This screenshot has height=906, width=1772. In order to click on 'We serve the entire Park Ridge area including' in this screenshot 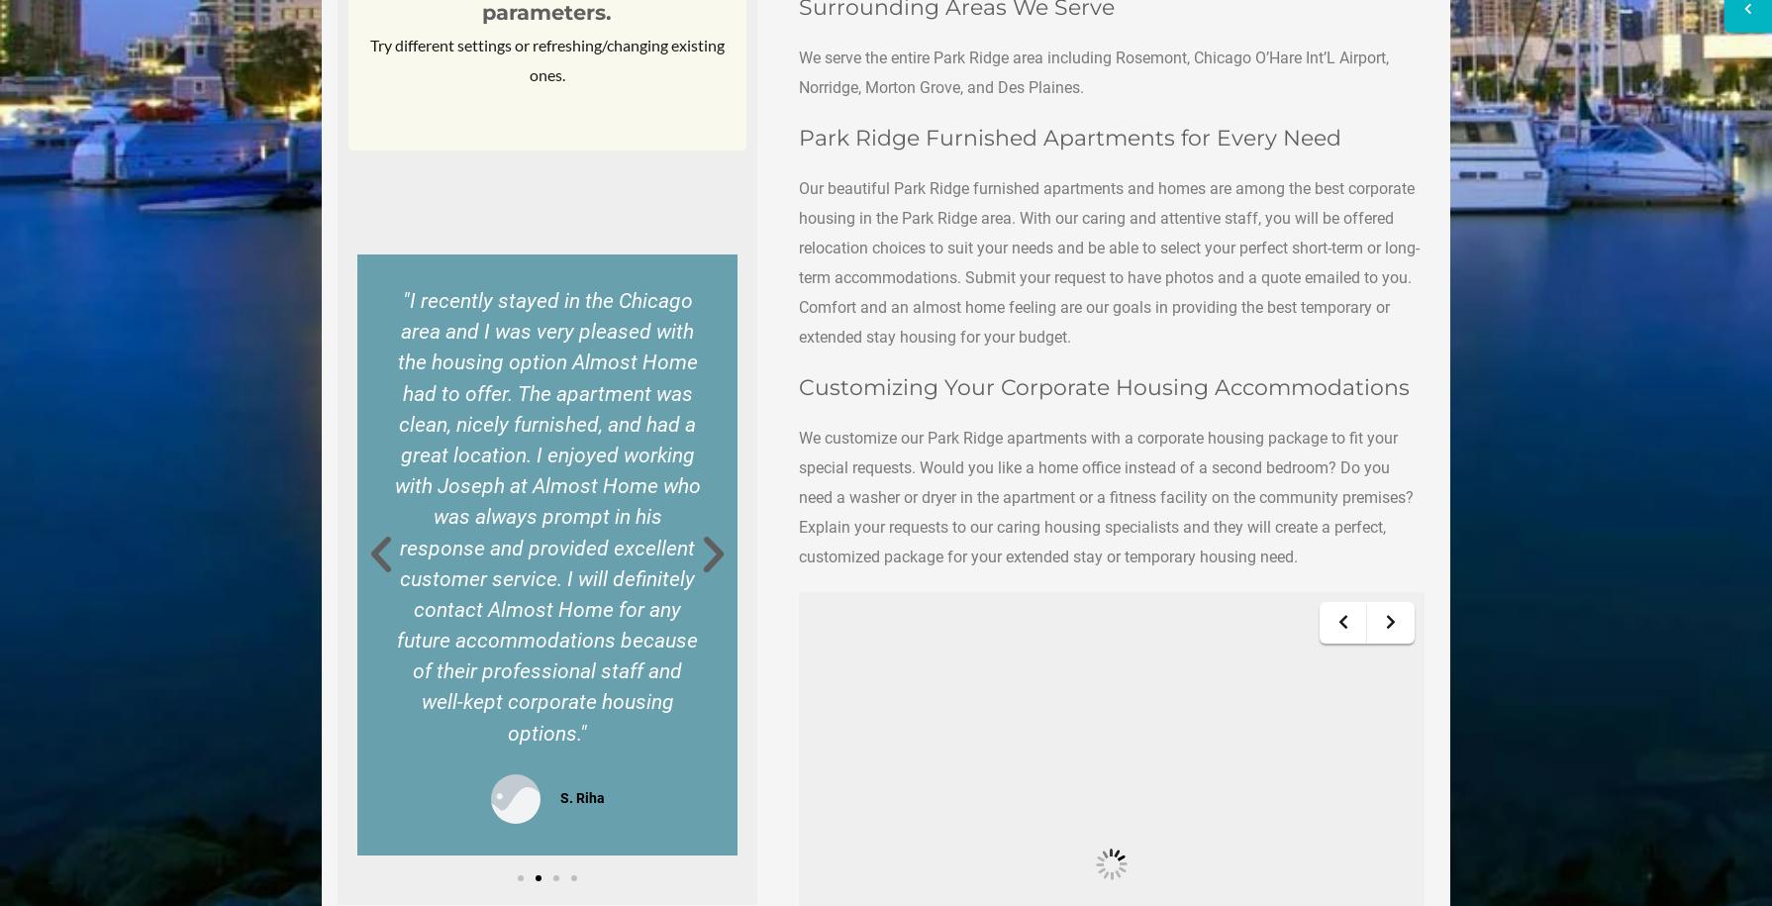, I will do `click(797, 55)`.